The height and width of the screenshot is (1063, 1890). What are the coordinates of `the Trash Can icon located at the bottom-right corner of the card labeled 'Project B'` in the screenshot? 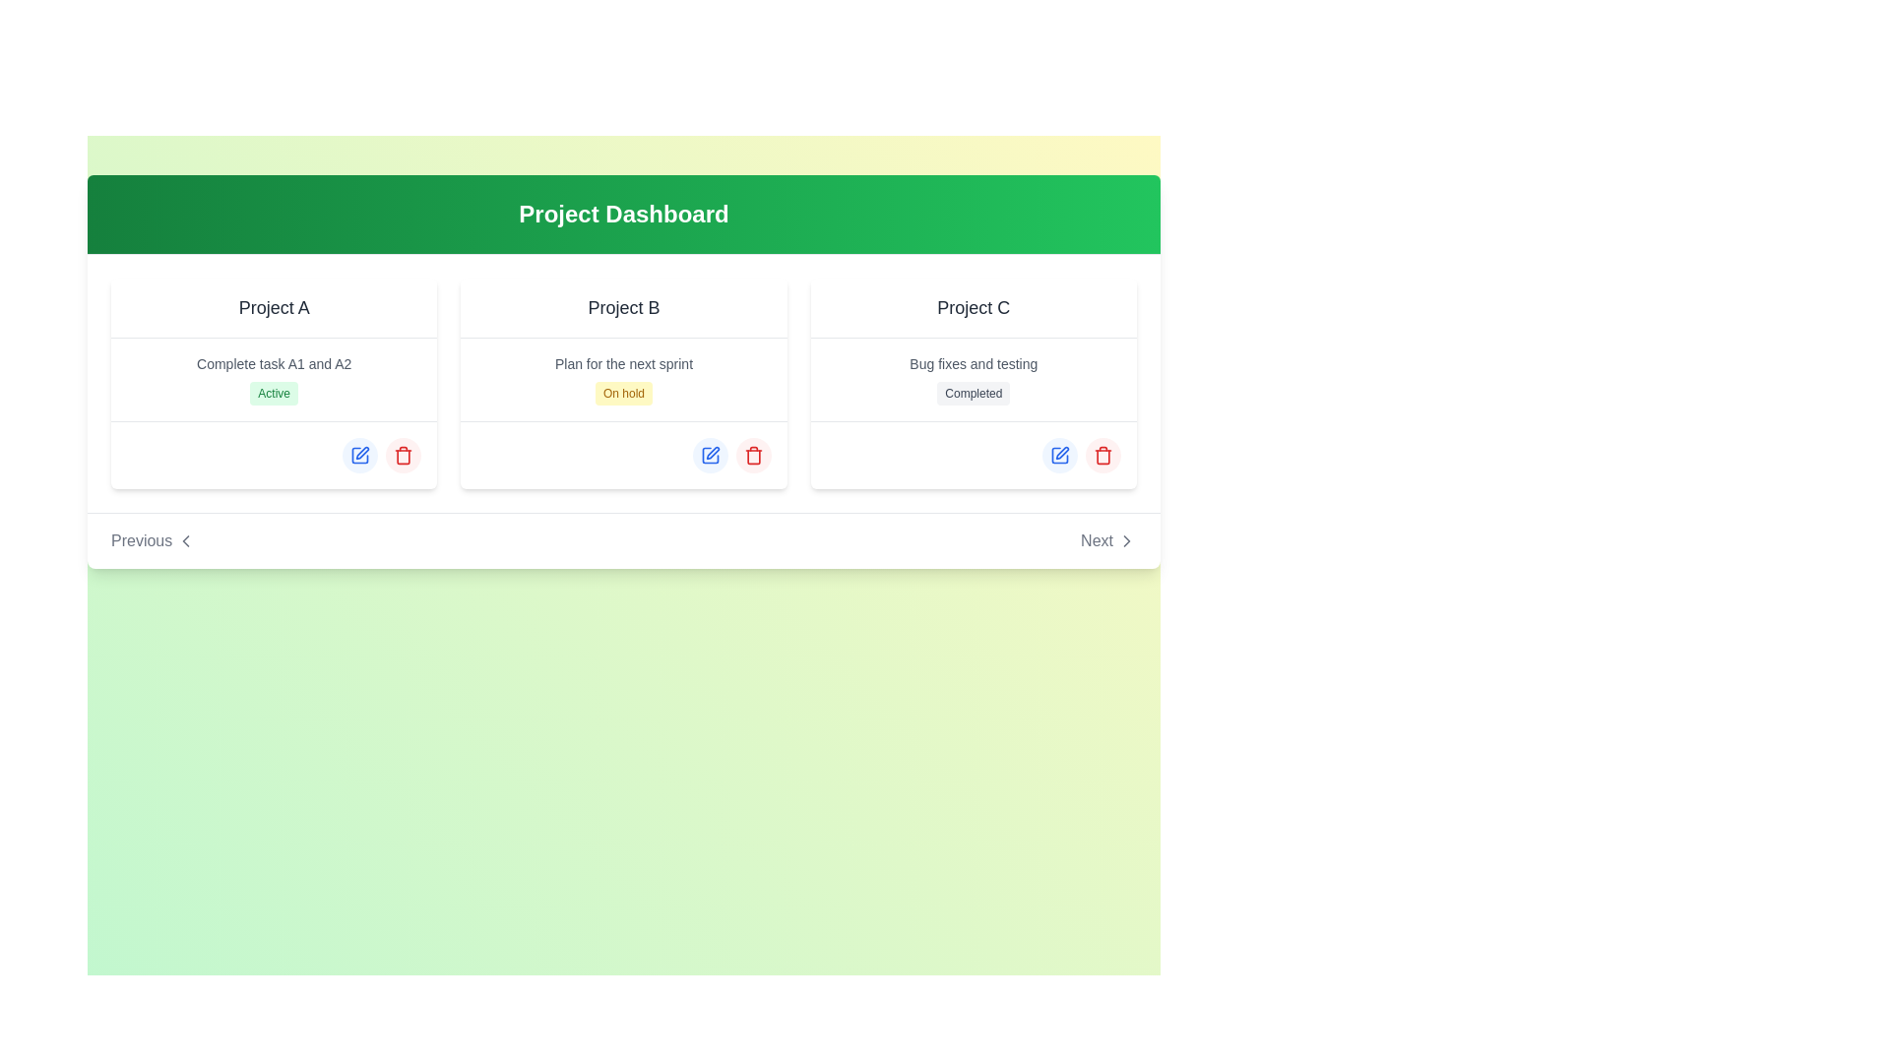 It's located at (752, 455).